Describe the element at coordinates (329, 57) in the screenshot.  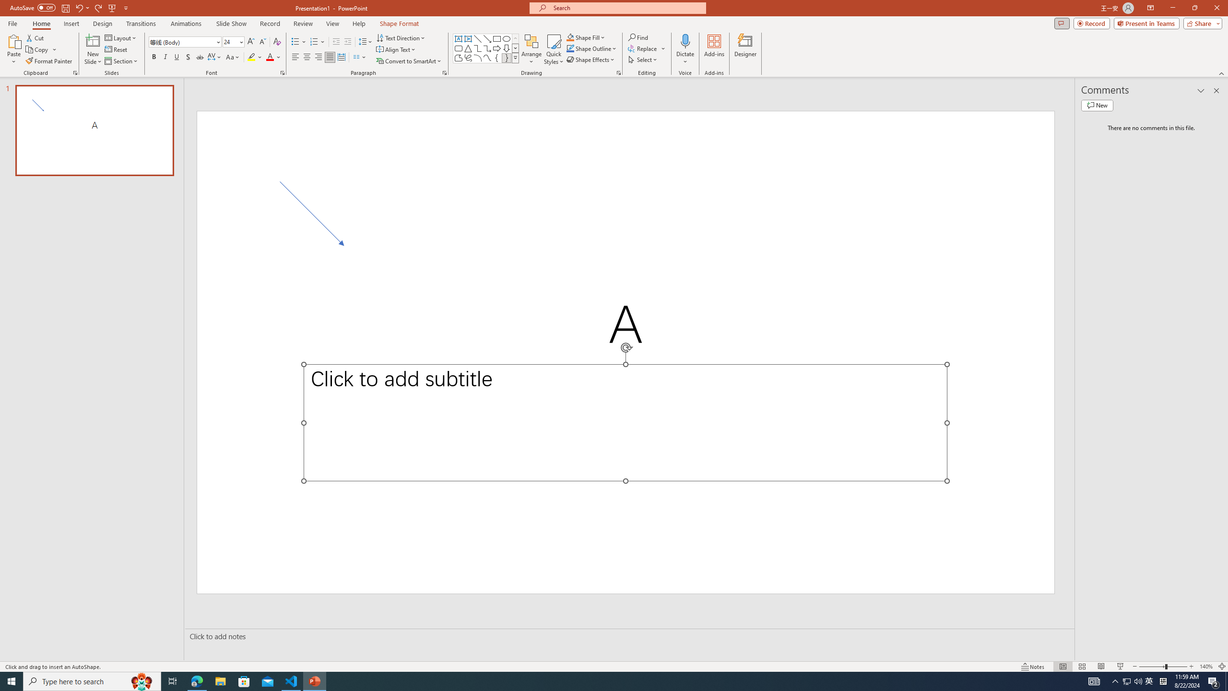
I see `'Justify'` at that location.